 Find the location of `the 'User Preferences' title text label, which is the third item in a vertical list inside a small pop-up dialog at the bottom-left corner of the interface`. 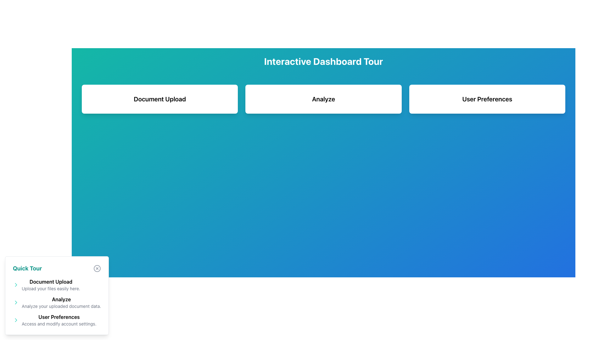

the 'User Preferences' title text label, which is the third item in a vertical list inside a small pop-up dialog at the bottom-left corner of the interface is located at coordinates (59, 317).